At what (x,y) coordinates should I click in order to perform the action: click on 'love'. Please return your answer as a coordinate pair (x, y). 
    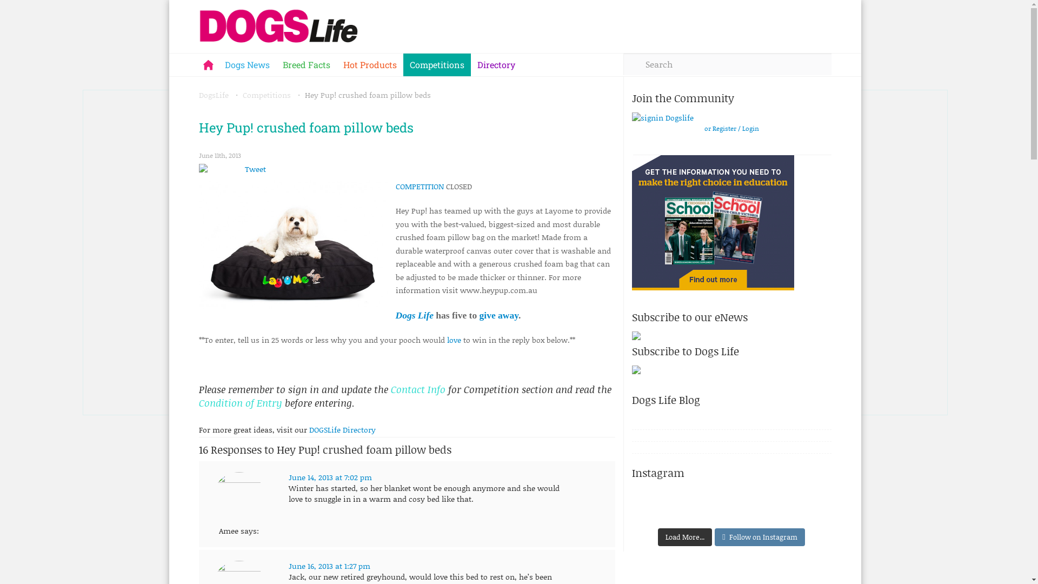
    Looking at the image, I should click on (454, 339).